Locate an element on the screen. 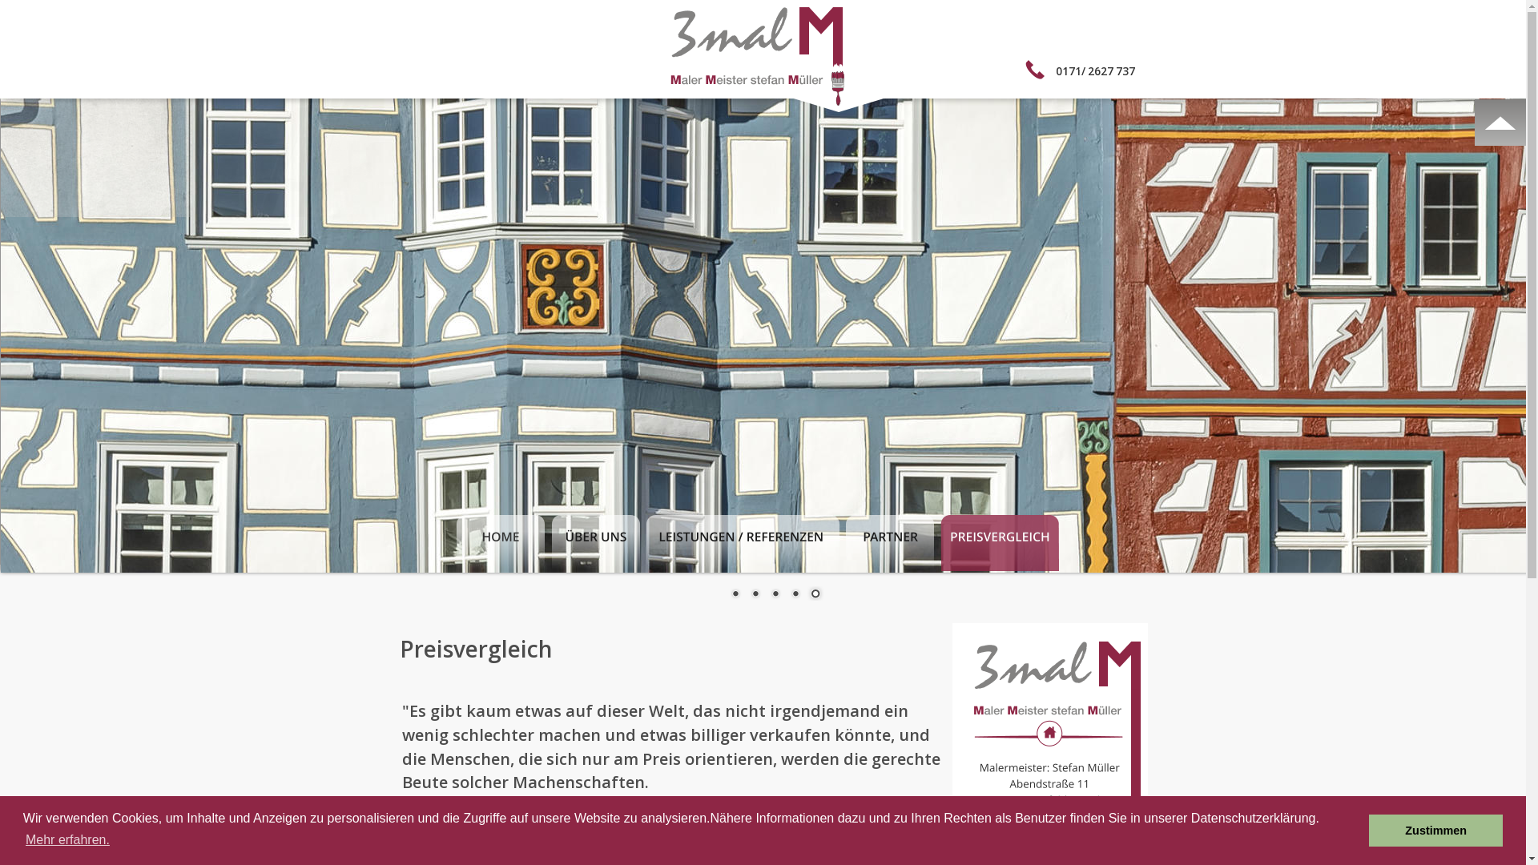  '737' is located at coordinates (1125, 70).